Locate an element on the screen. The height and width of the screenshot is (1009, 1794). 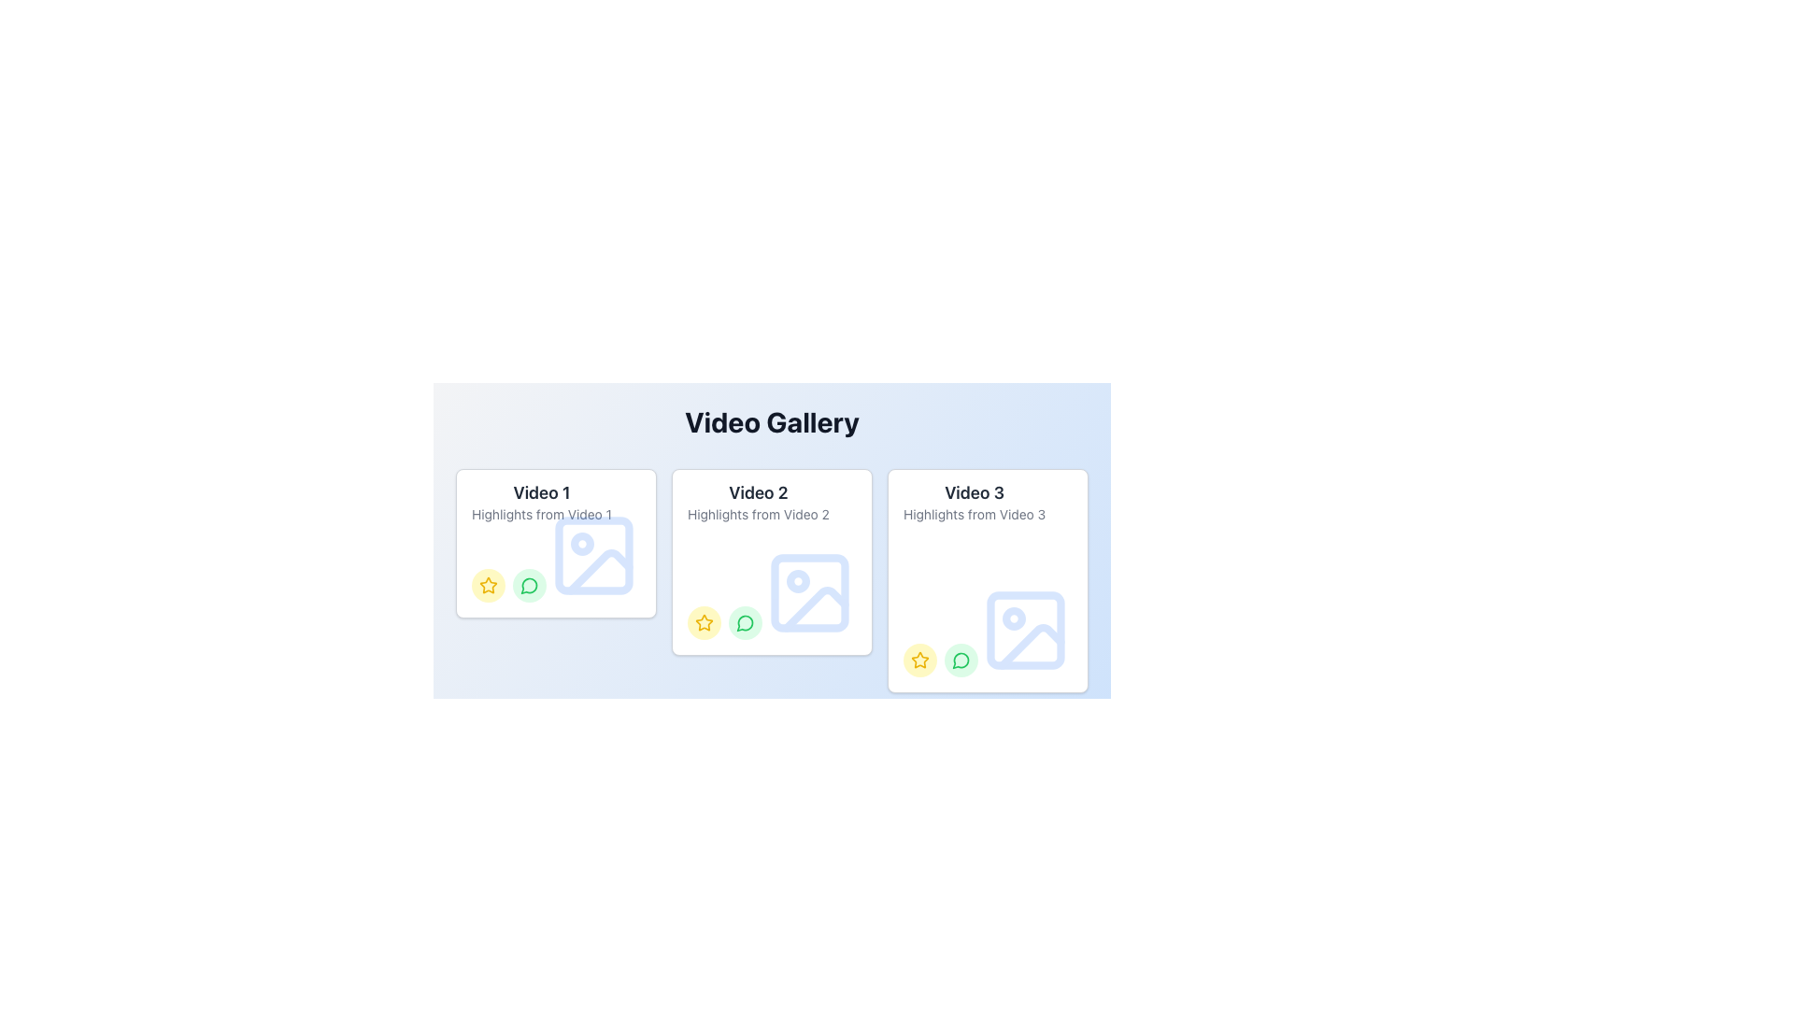
the text label that provides additional descriptive information about the related video, located below the title 'Video 3' in the 'Video Gallery' interface is located at coordinates (974, 515).